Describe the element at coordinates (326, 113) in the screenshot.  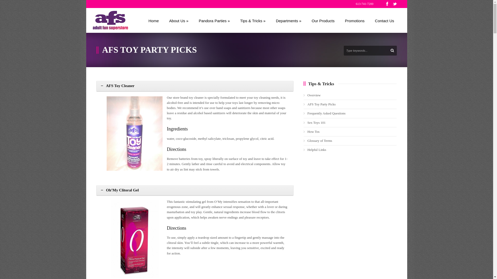
I see `'Frequently Asked Questions'` at that location.